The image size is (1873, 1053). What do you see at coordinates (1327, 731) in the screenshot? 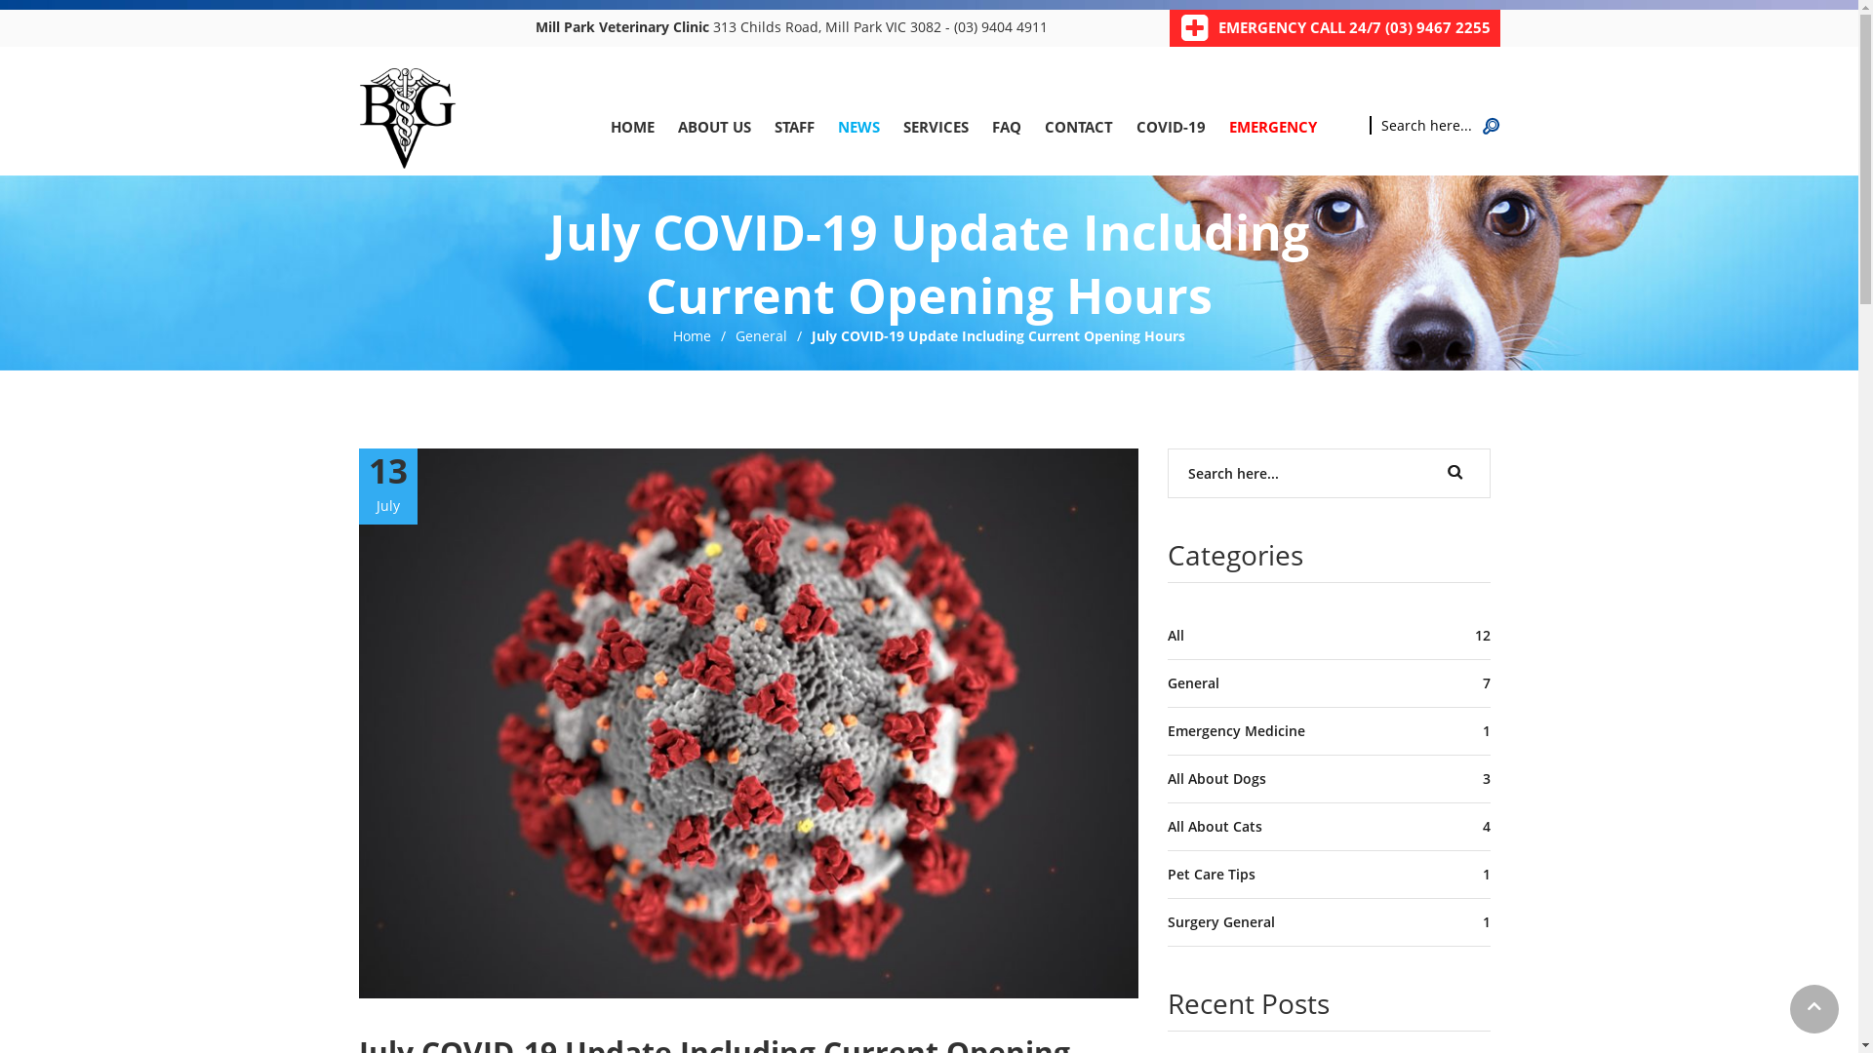
I see `'Emergency Medicine` at bounding box center [1327, 731].